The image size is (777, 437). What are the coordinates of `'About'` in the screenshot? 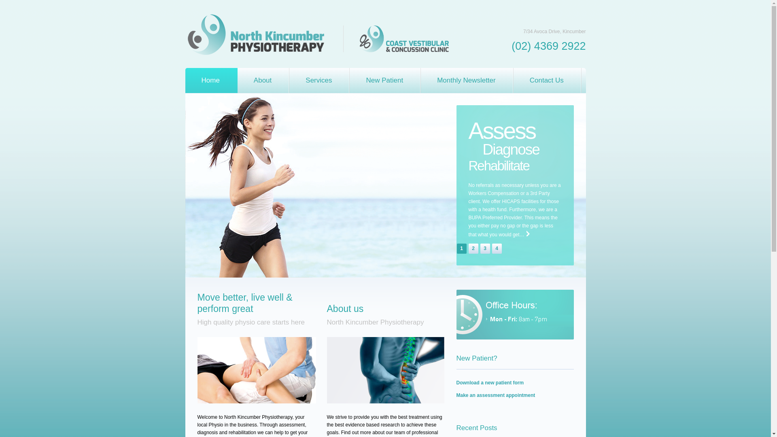 It's located at (237, 81).